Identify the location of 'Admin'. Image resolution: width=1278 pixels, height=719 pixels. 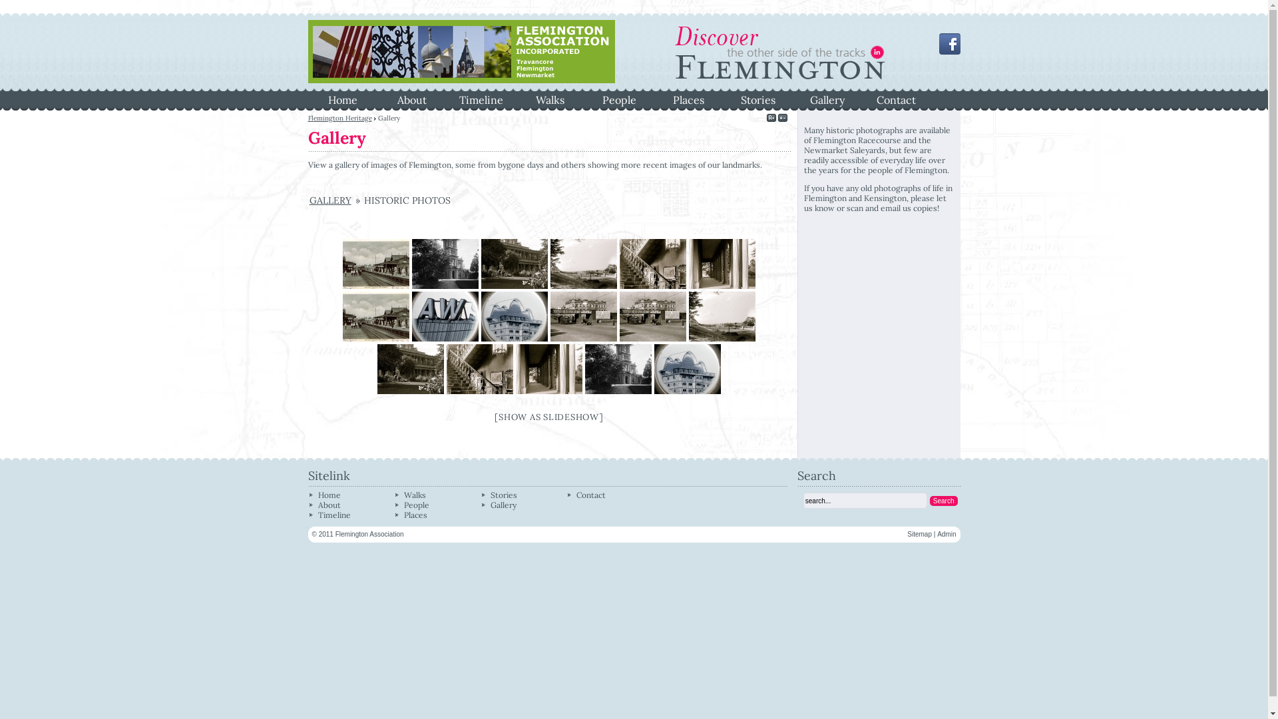
(936, 533).